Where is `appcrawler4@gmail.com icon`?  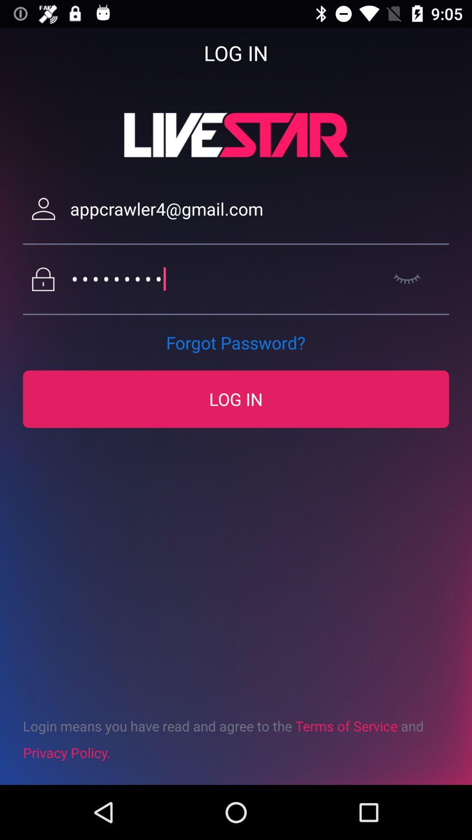 appcrawler4@gmail.com icon is located at coordinates (259, 208).